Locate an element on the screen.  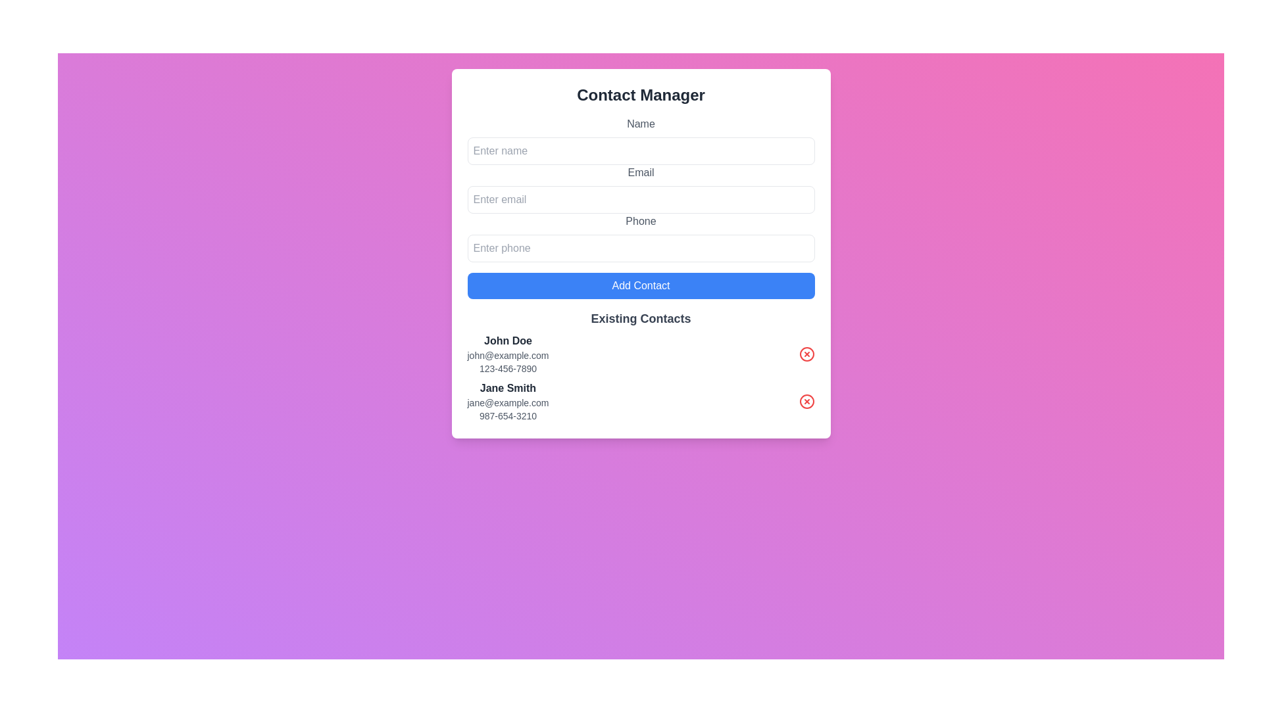
the contact entry for 'Jane Smith' is located at coordinates (507, 400).